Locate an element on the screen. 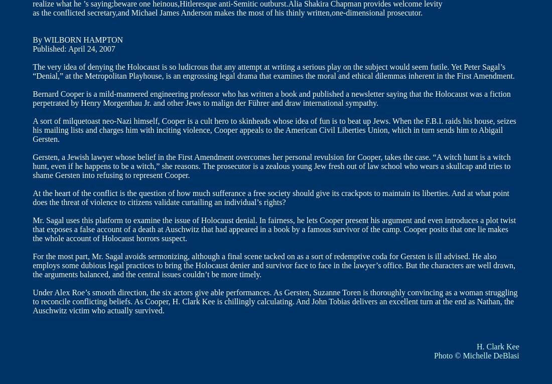 This screenshot has width=552, height=384. 'H. Clark Kee' is located at coordinates (497, 346).